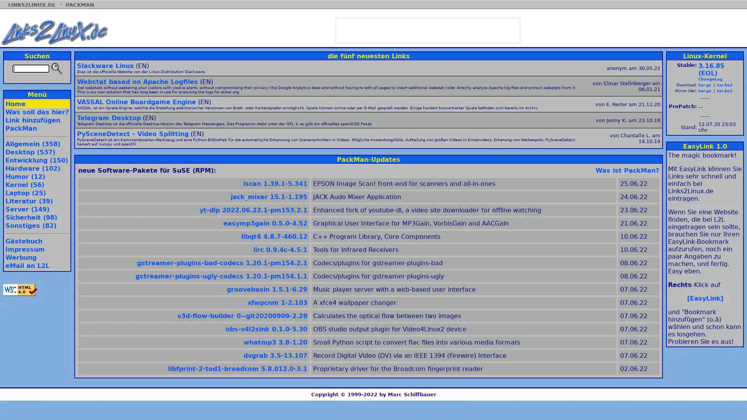  What do you see at coordinates (56, 68) in the screenshot?
I see `suchen!` at bounding box center [56, 68].